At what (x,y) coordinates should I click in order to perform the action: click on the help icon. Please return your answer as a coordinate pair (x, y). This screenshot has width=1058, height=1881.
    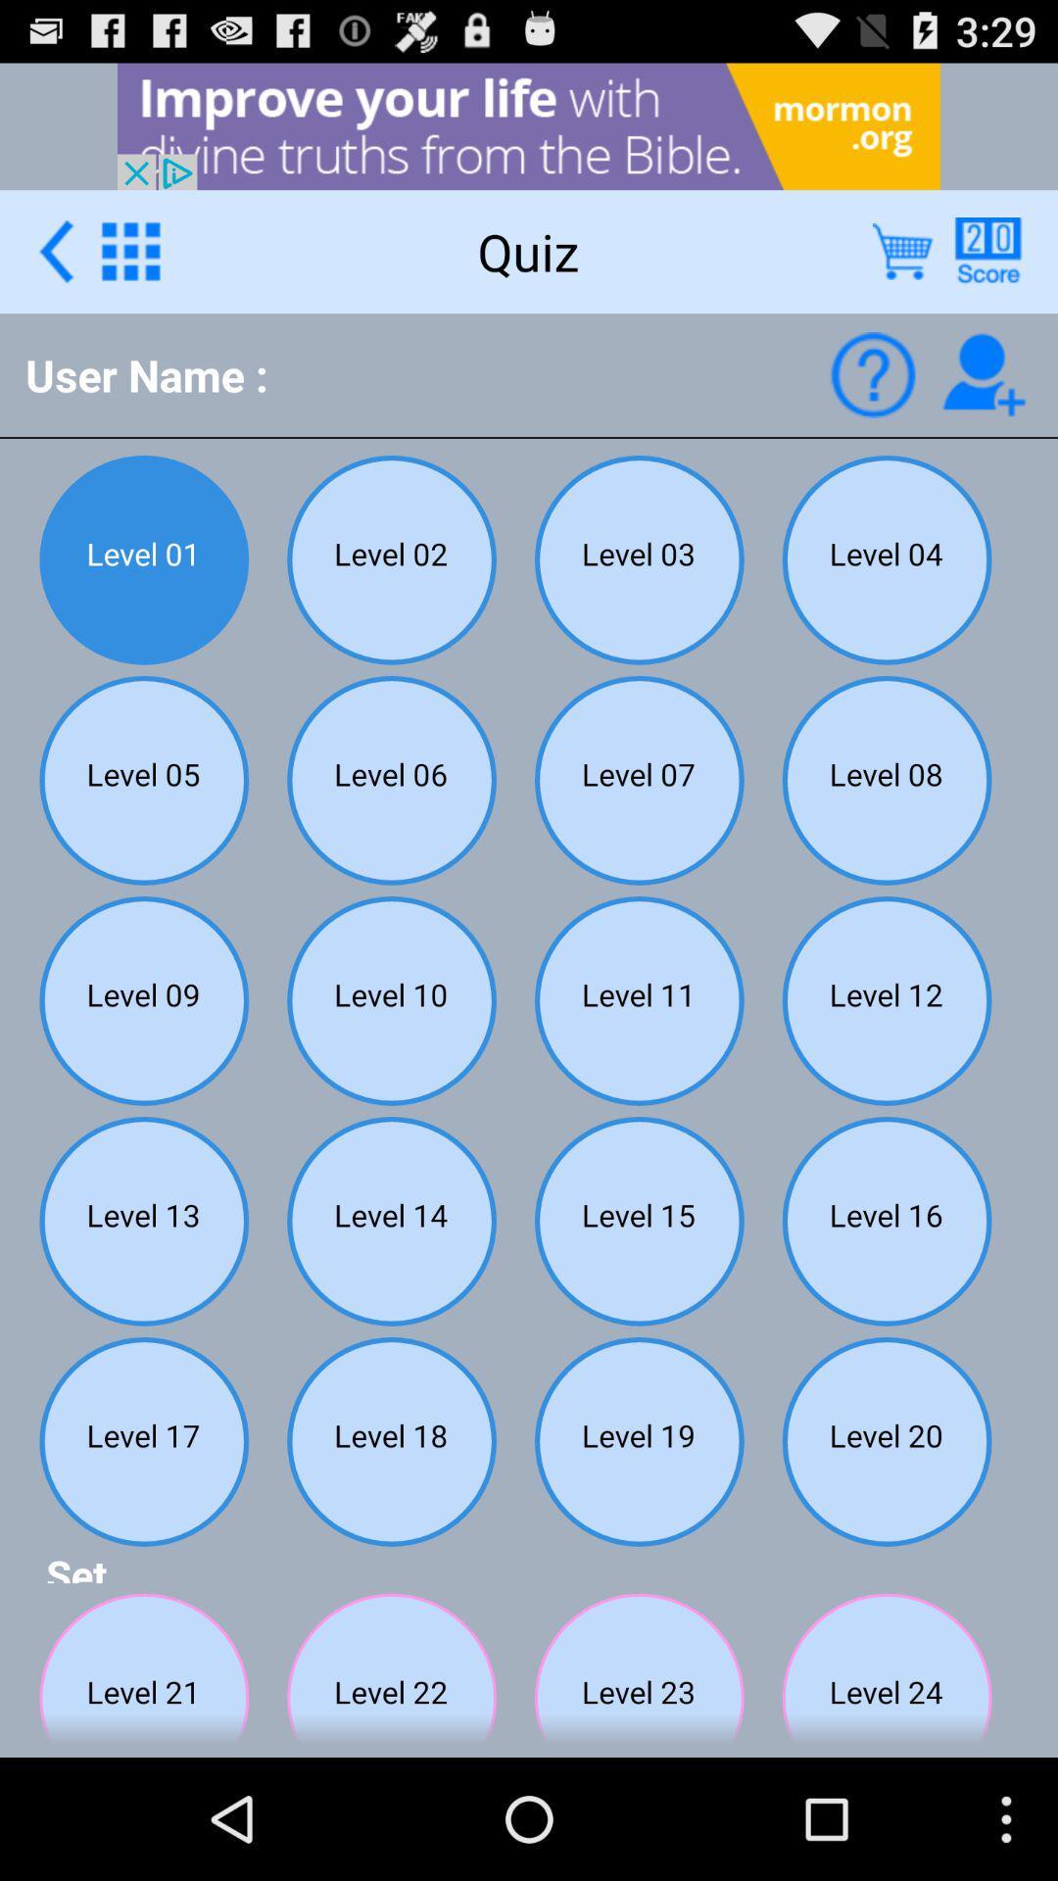
    Looking at the image, I should click on (871, 400).